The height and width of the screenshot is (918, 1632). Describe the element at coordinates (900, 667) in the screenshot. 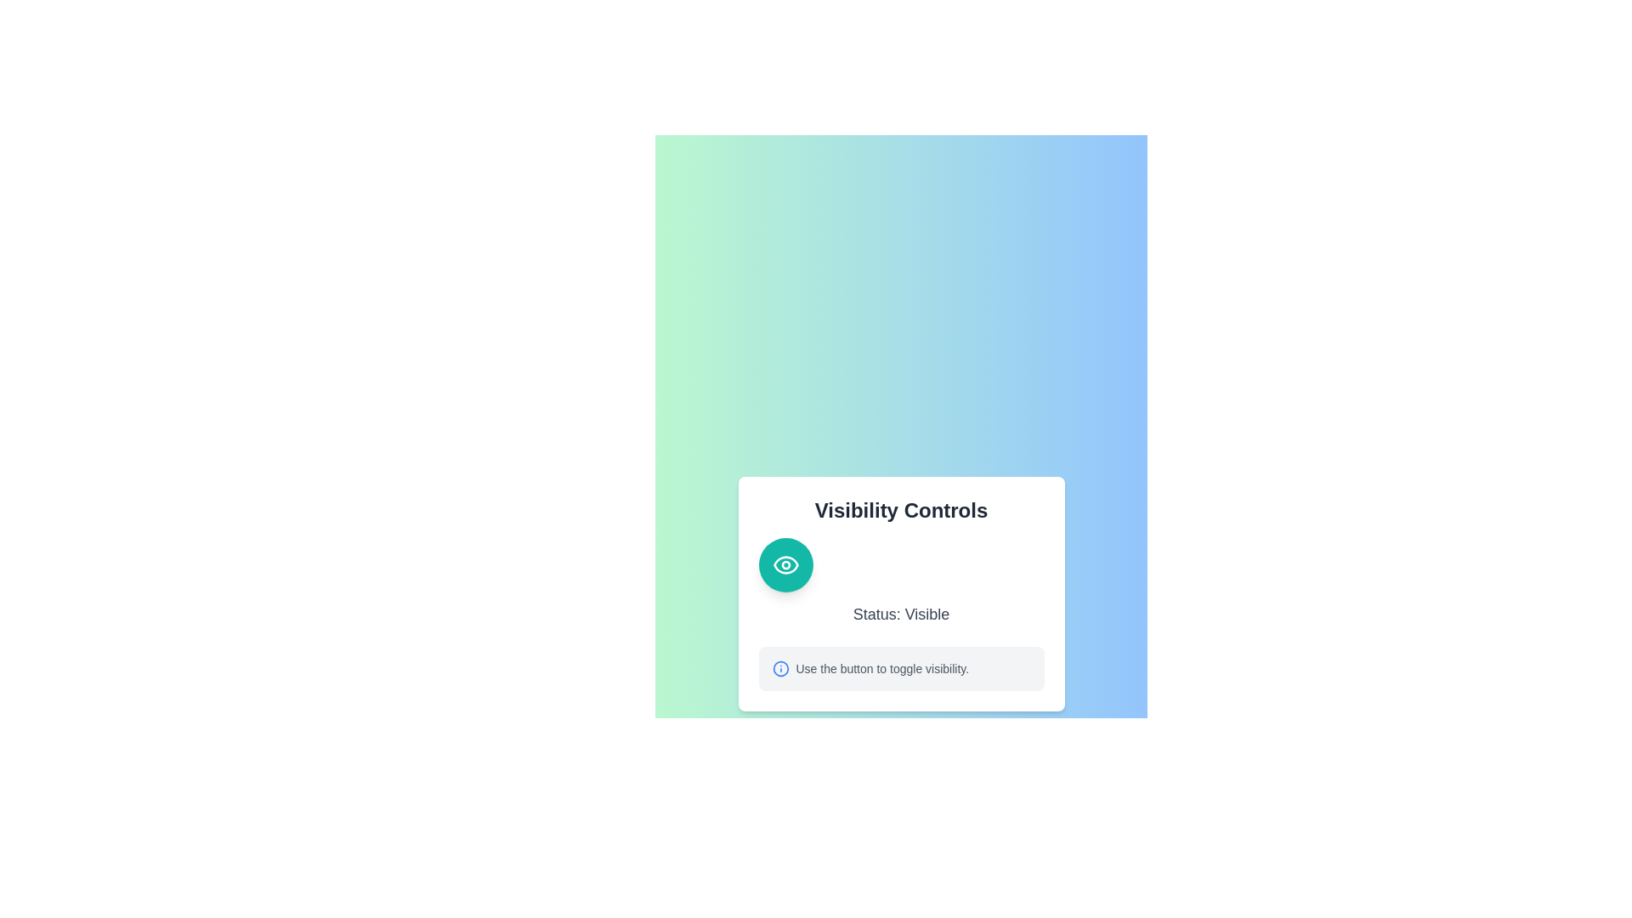

I see `the informational text below the status` at that location.